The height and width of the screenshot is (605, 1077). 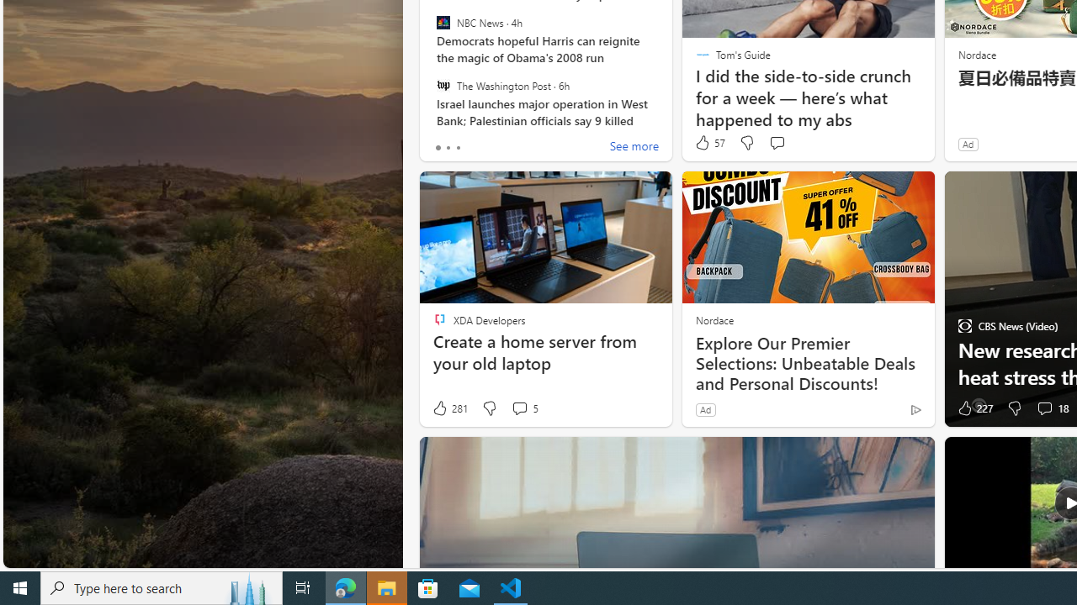 What do you see at coordinates (448, 147) in the screenshot?
I see `'tab-1'` at bounding box center [448, 147].